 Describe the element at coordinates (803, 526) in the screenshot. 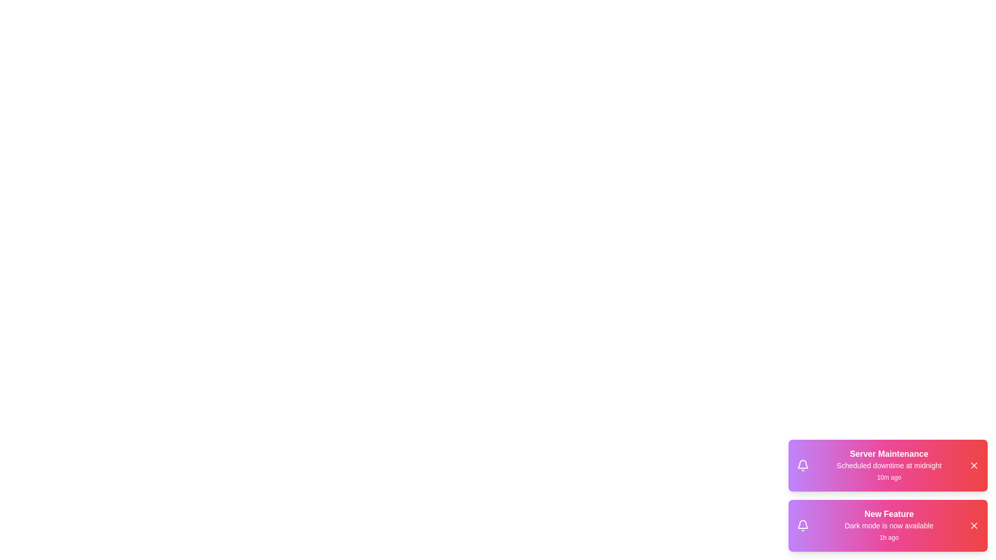

I see `the notification icon for New Feature` at that location.